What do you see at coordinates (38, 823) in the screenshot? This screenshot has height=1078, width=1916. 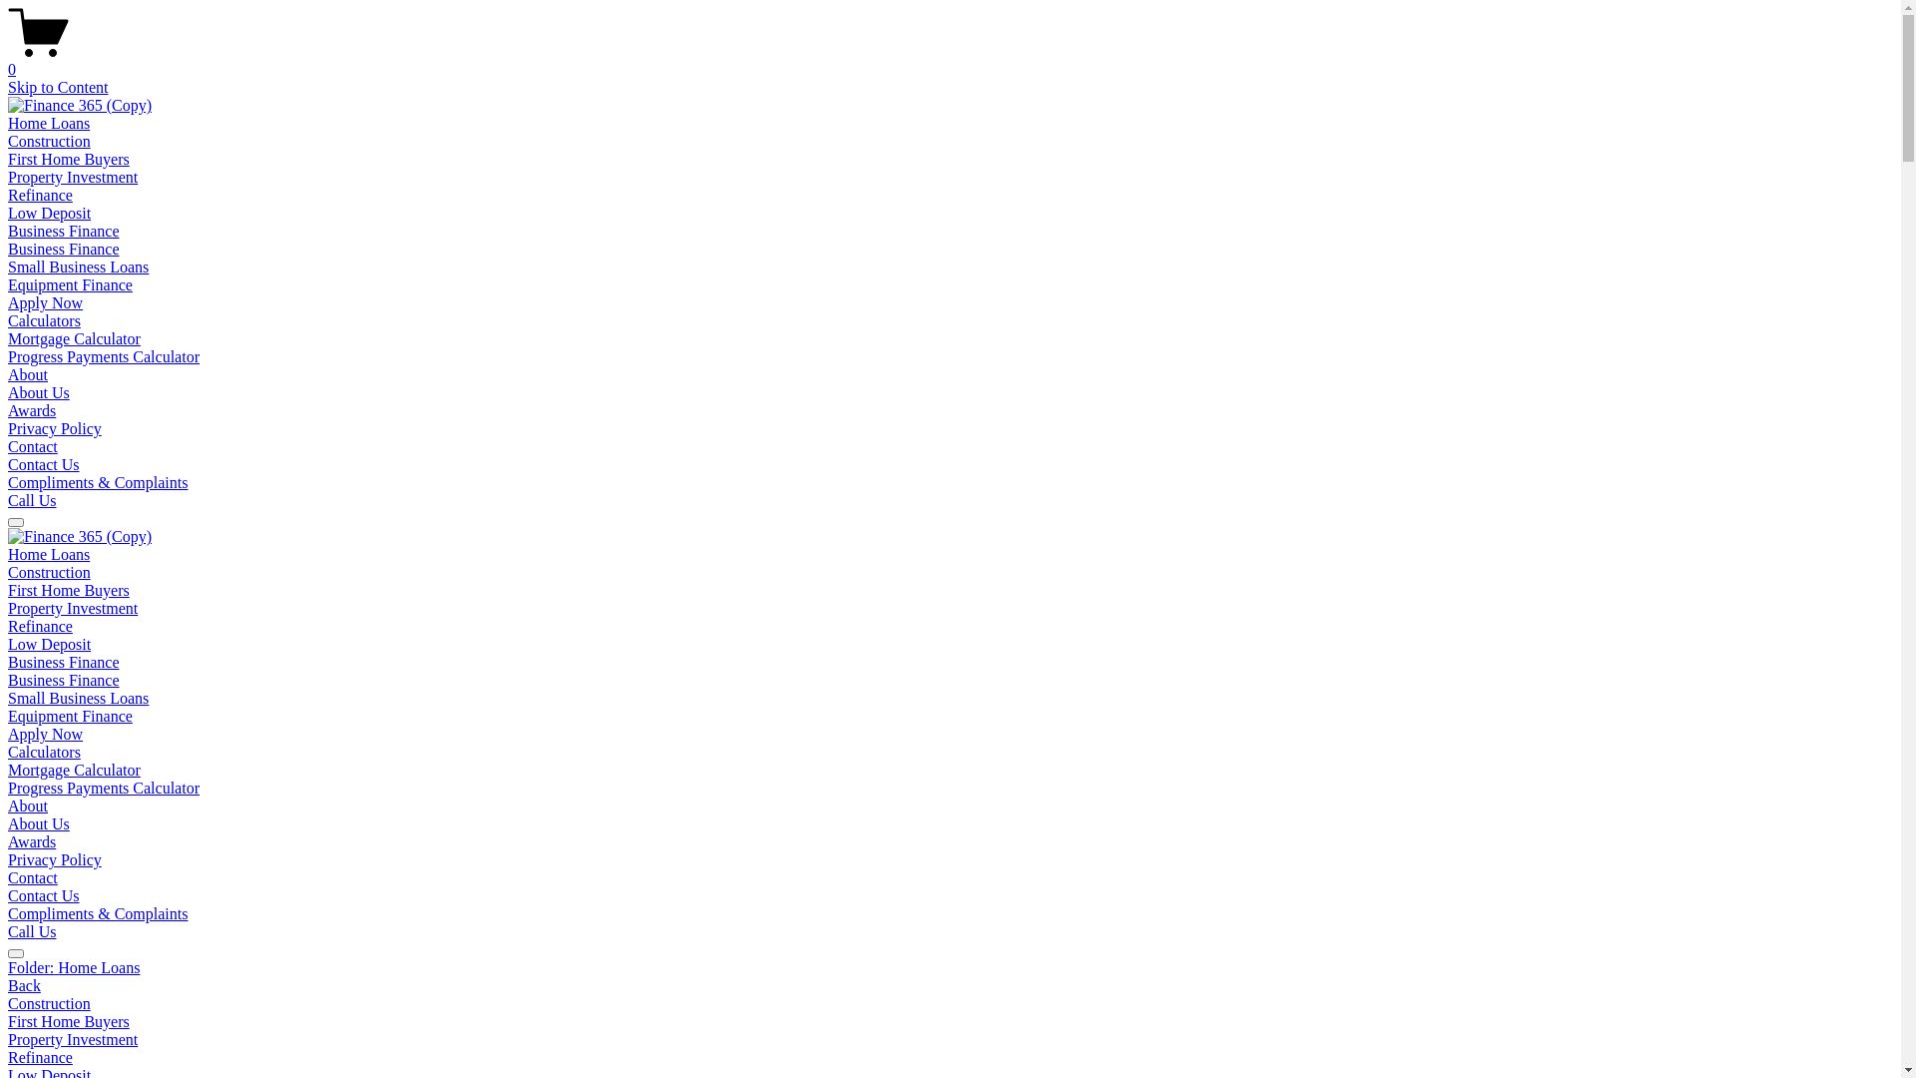 I see `'About Us'` at bounding box center [38, 823].